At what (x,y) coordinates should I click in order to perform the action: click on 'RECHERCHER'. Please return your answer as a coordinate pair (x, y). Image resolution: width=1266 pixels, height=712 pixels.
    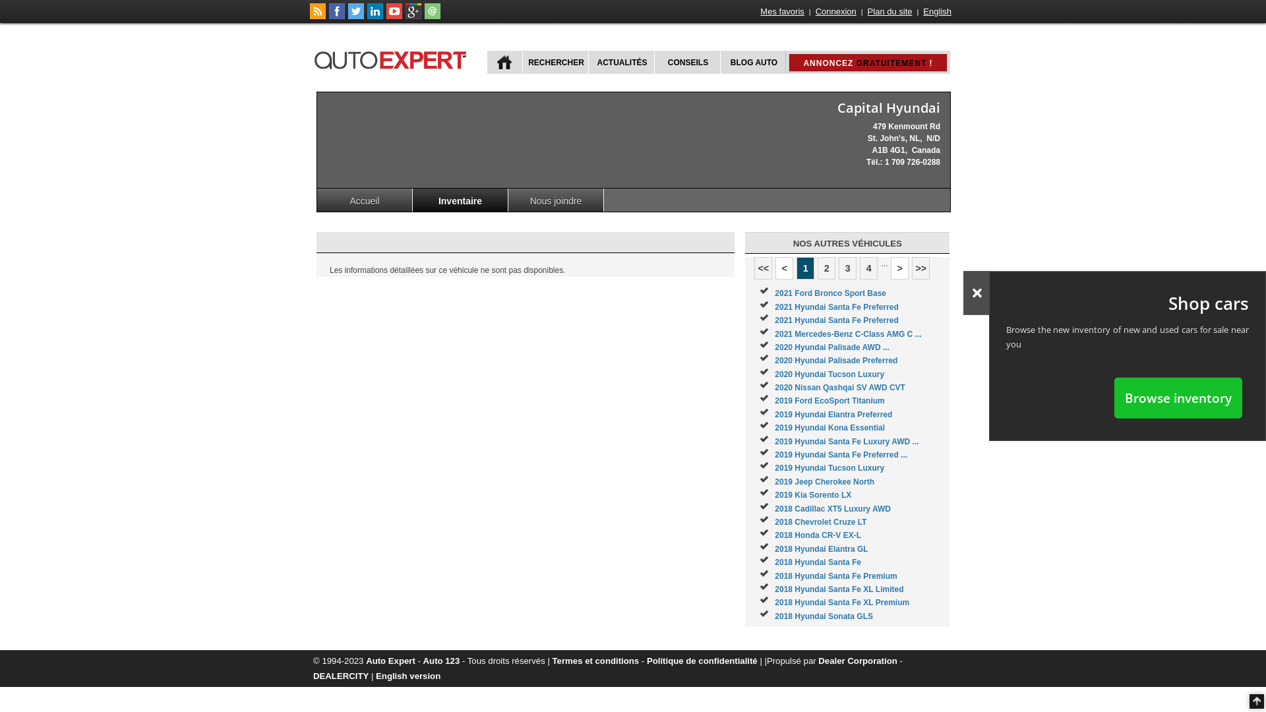
    Looking at the image, I should click on (522, 62).